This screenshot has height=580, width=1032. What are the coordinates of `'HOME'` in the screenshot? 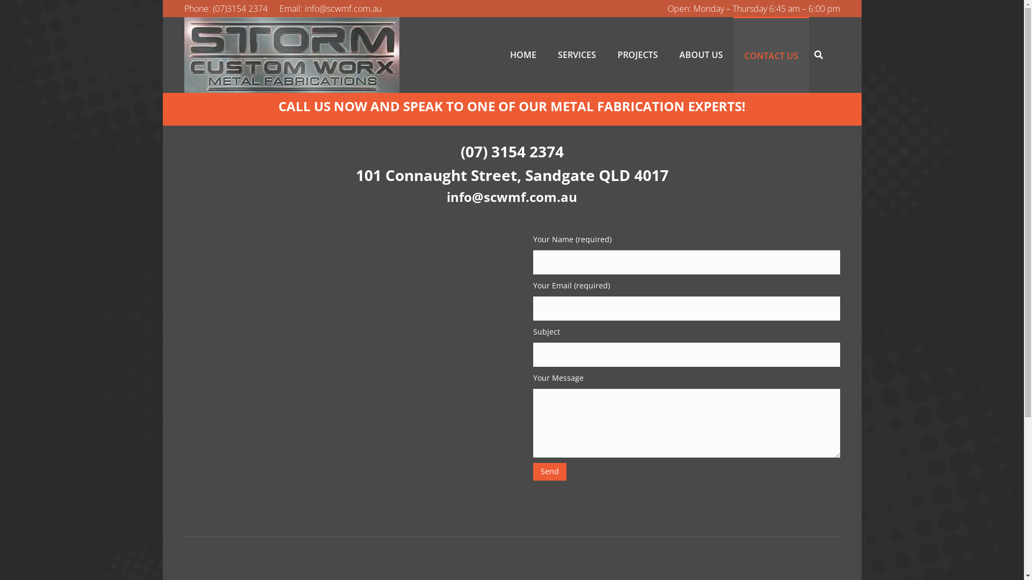 It's located at (523, 55).